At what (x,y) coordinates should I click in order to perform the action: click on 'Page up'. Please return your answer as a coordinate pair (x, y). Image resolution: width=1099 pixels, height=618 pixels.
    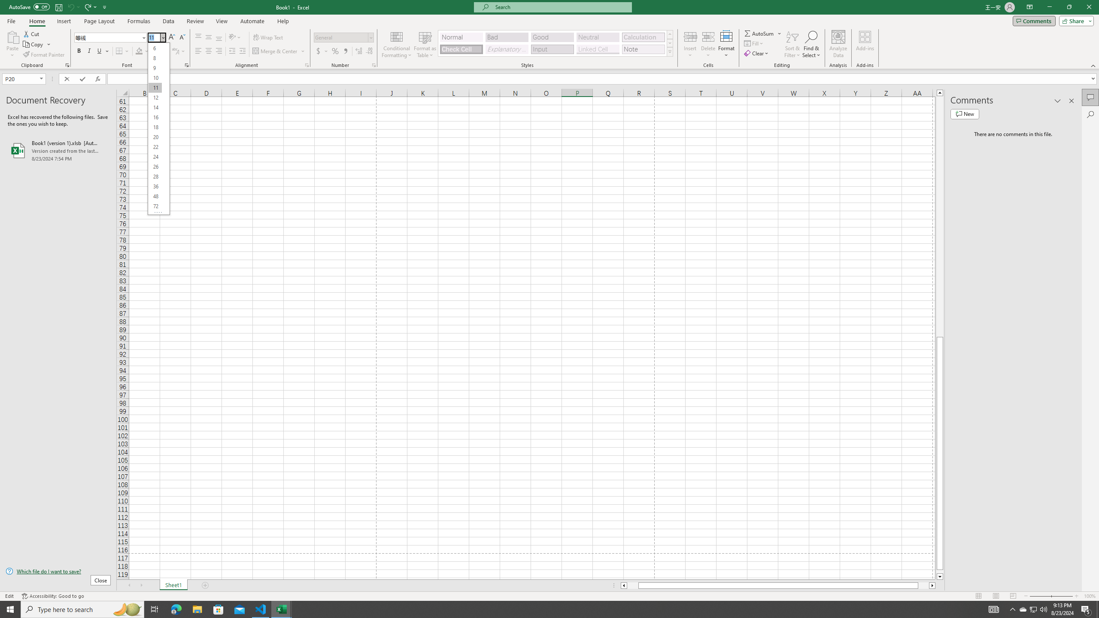
    Looking at the image, I should click on (940, 216).